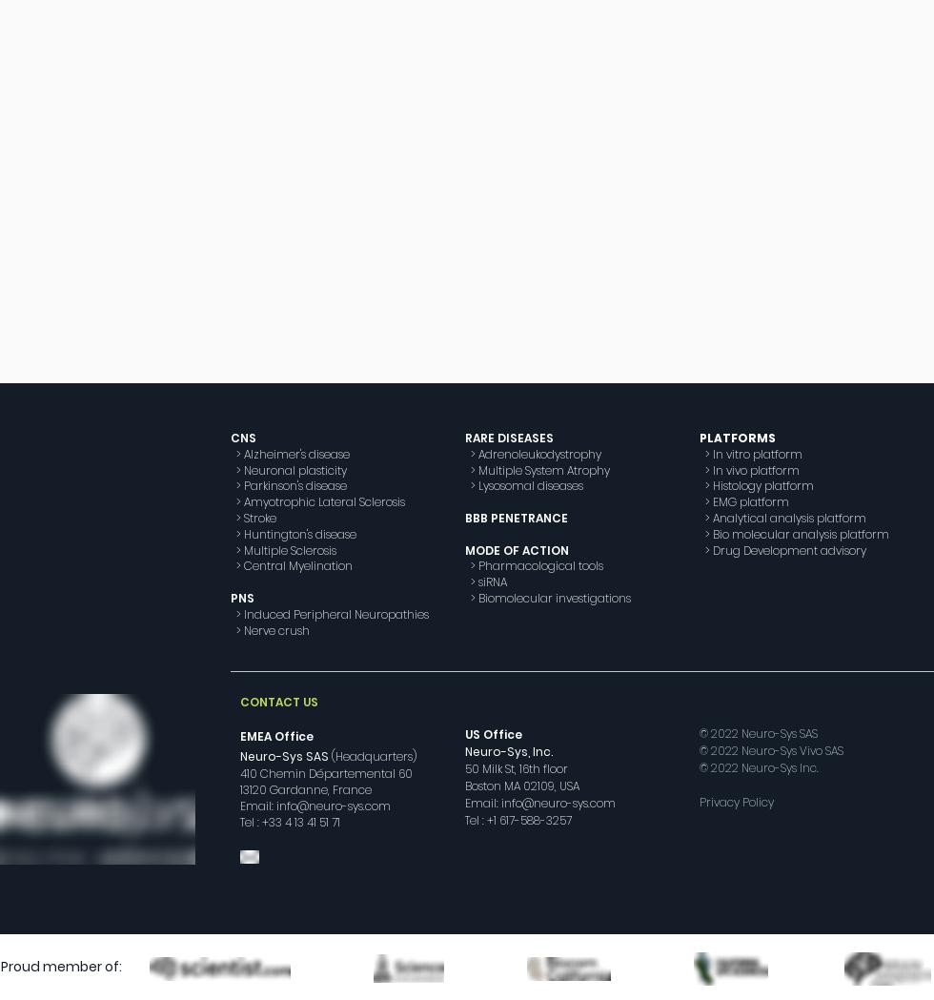  What do you see at coordinates (306, 788) in the screenshot?
I see `'13120 Gardanne, France'` at bounding box center [306, 788].